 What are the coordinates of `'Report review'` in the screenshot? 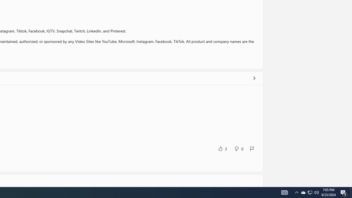 It's located at (252, 149).